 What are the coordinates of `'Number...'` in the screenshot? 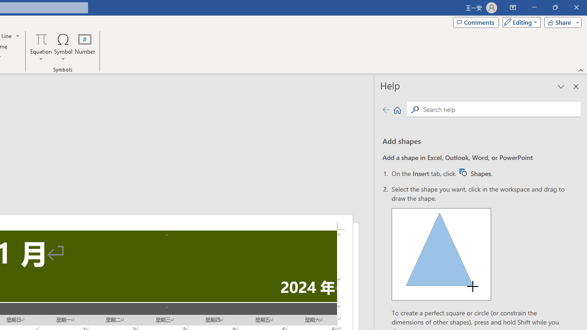 It's located at (85, 47).